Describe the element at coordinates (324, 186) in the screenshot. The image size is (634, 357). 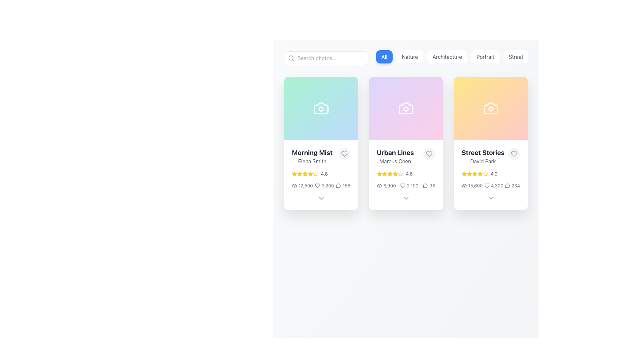
I see `the heart-shaped icon next to the numerical label '3,200'` at that location.